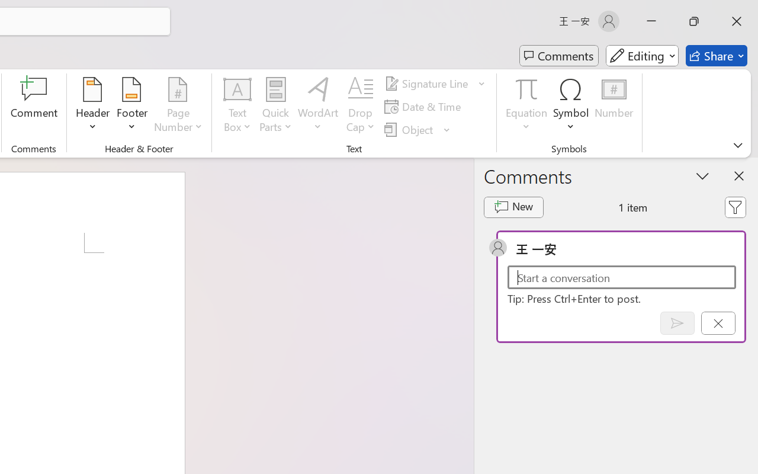 Image resolution: width=758 pixels, height=474 pixels. I want to click on 'Start a conversation', so click(621, 277).